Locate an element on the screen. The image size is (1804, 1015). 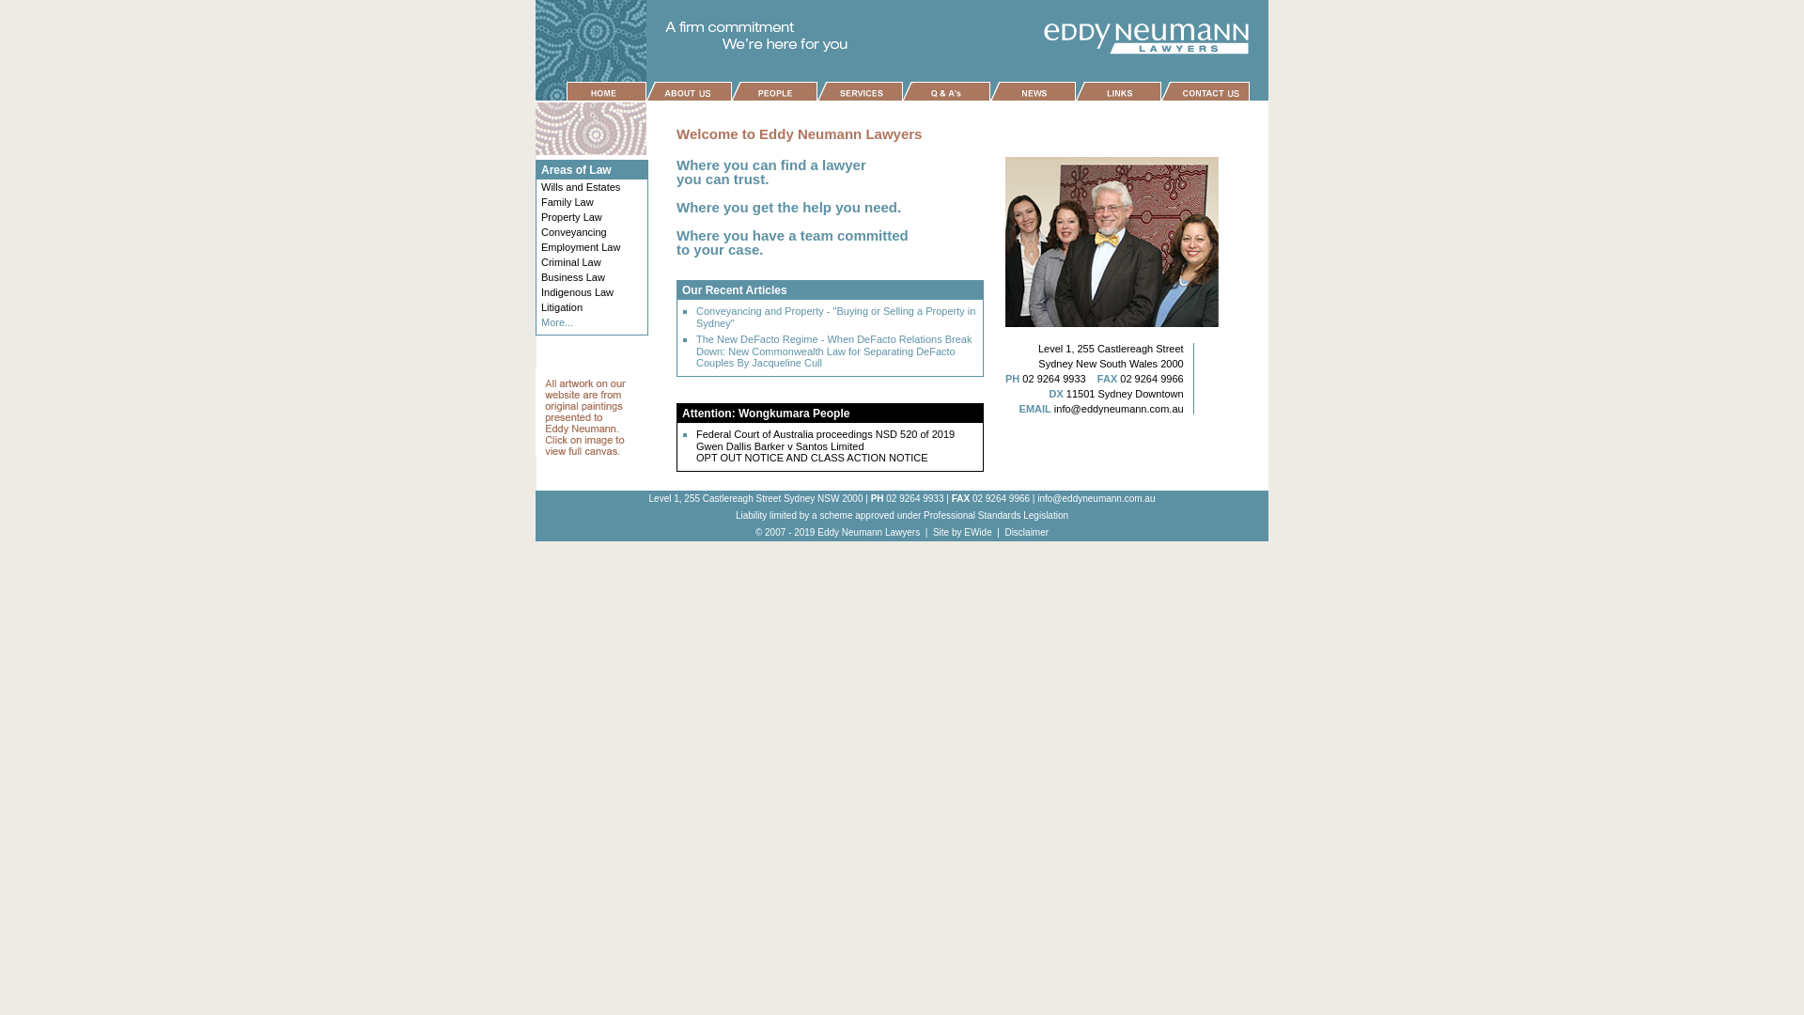
'Disclaimer' is located at coordinates (1025, 532).